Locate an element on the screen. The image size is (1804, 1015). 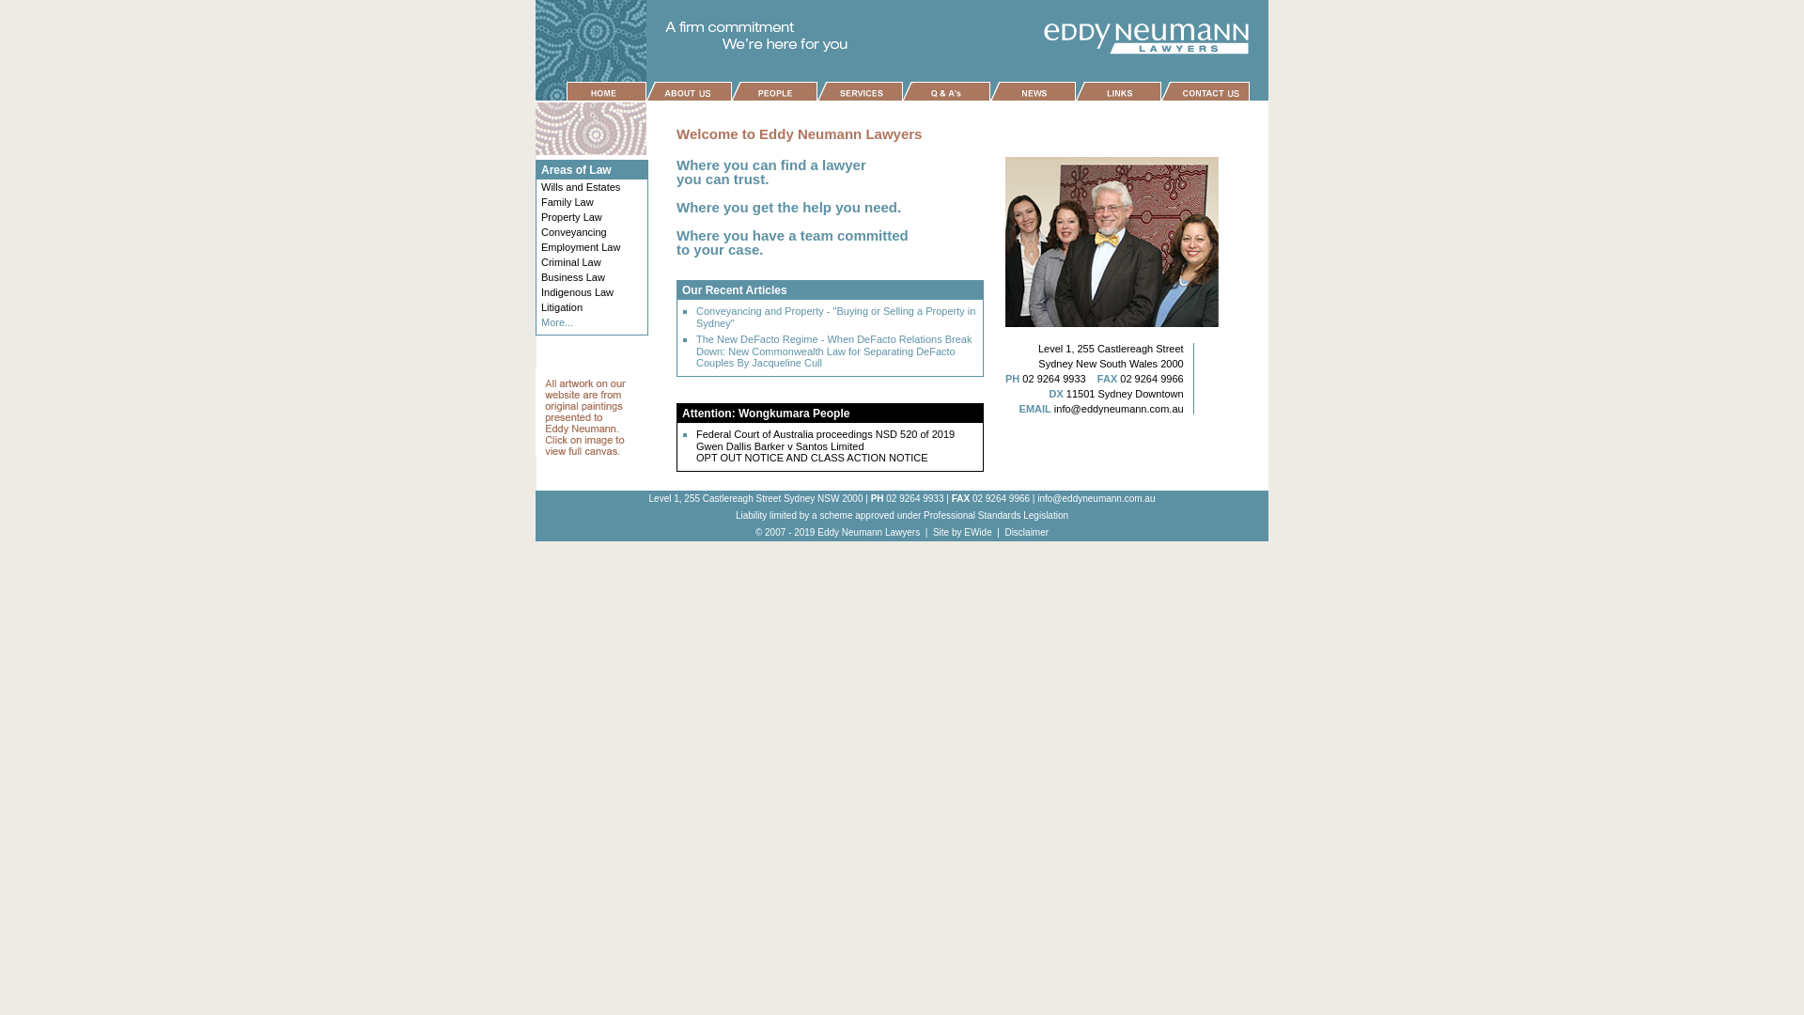
'Disclaimer' is located at coordinates (1025, 532).